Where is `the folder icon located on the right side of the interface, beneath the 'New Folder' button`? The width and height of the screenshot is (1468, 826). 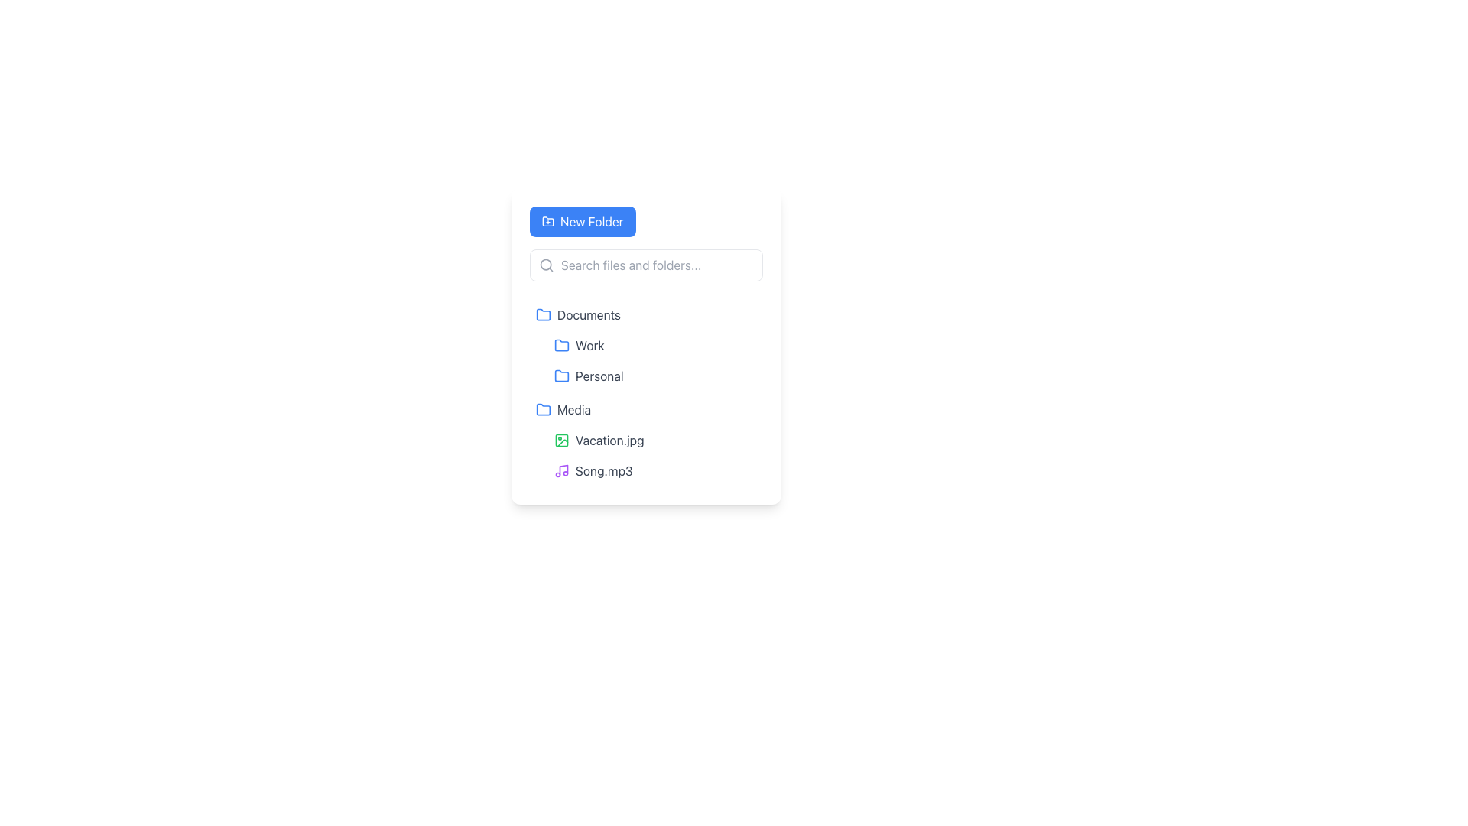
the folder icon located on the right side of the interface, beneath the 'New Folder' button is located at coordinates (543, 314).